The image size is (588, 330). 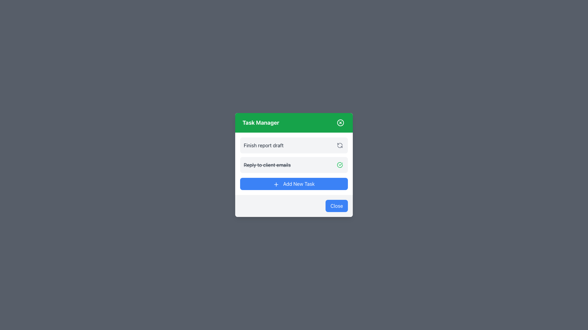 What do you see at coordinates (339, 165) in the screenshot?
I see `the circular icon button with a check mark inside, styled with a green border and transparent fill, located to the right of the 'Reply to client emails' task entry` at bounding box center [339, 165].